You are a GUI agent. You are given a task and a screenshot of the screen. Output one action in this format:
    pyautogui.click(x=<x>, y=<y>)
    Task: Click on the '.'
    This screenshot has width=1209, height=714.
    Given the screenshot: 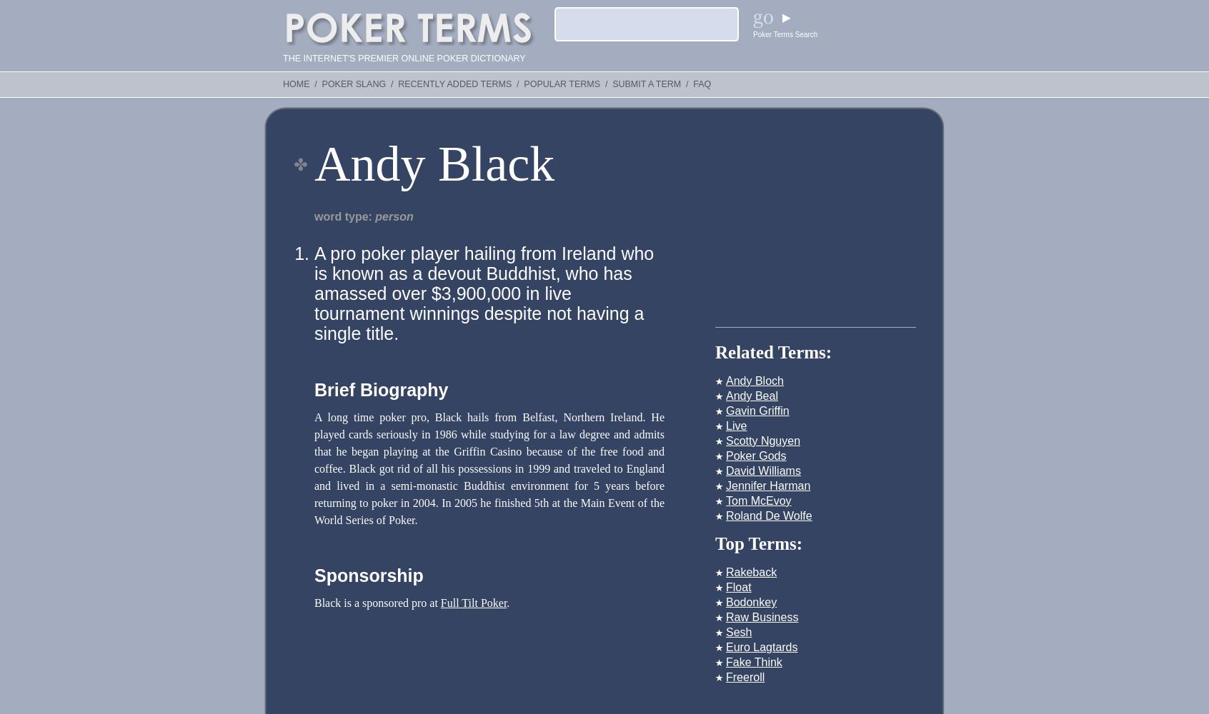 What is the action you would take?
    pyautogui.click(x=505, y=602)
    